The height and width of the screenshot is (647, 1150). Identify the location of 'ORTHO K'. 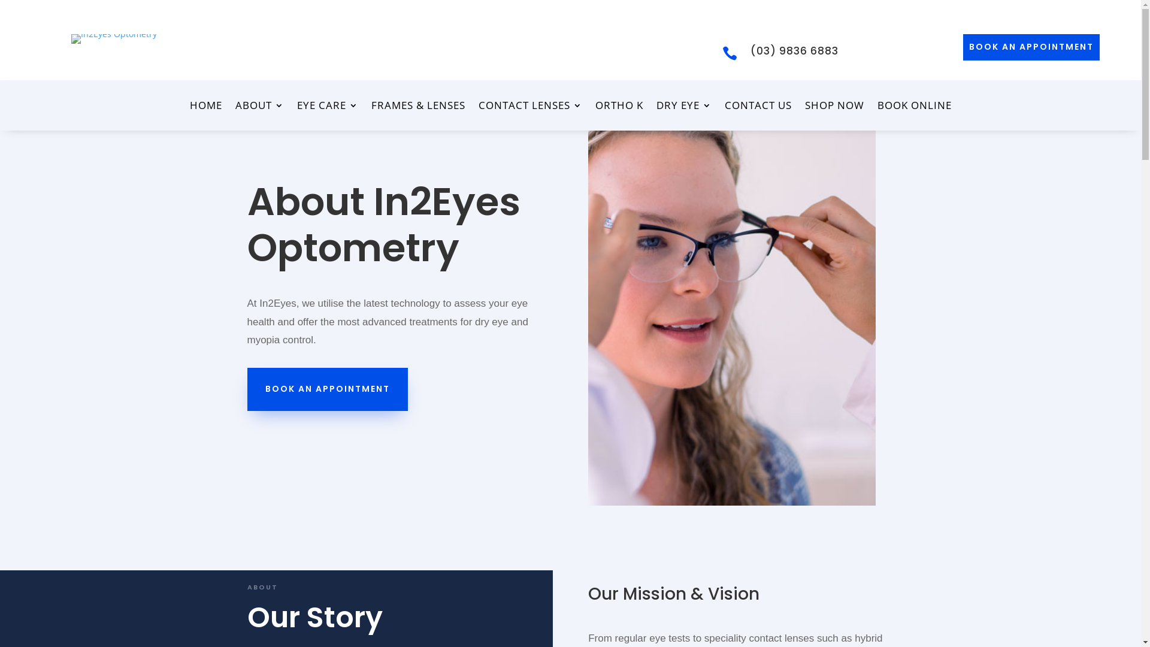
(619, 108).